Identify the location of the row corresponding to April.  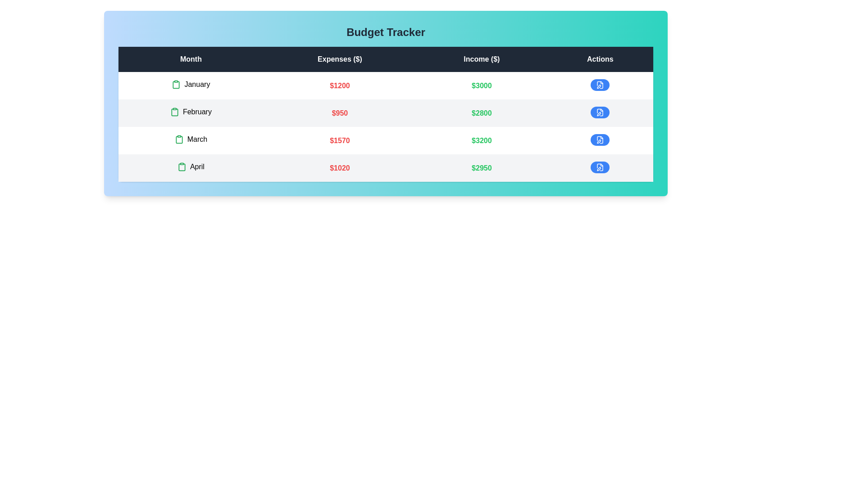
(386, 168).